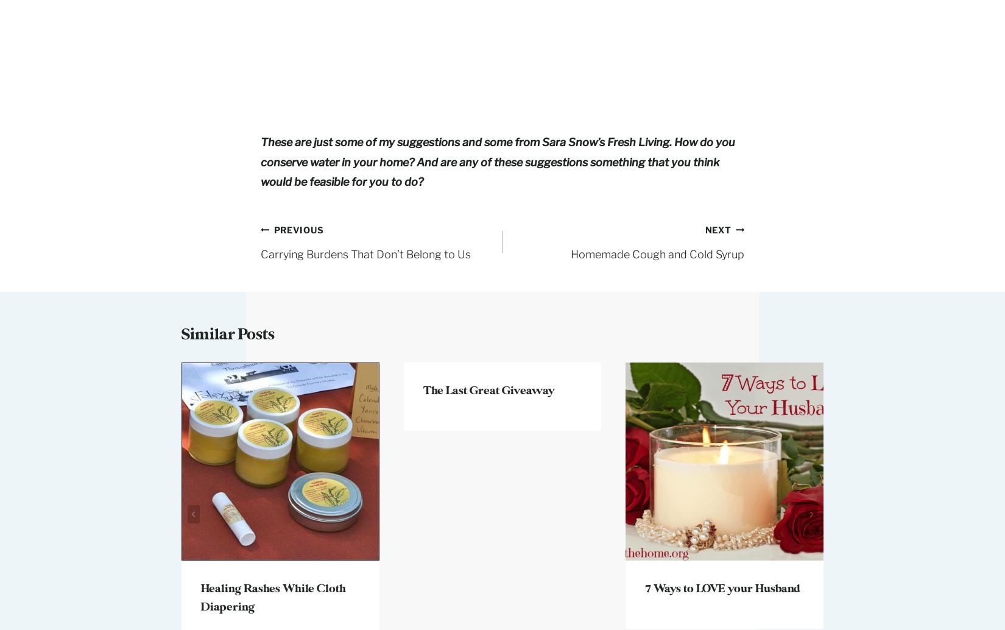  Describe the element at coordinates (931, 400) in the screenshot. I see `'Living Simple Saturdays- From Clutter to Clarity'` at that location.